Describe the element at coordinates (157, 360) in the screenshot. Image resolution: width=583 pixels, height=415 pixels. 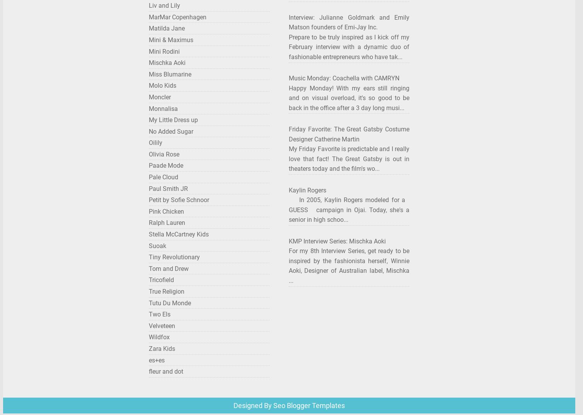
I see `'es+es'` at that location.